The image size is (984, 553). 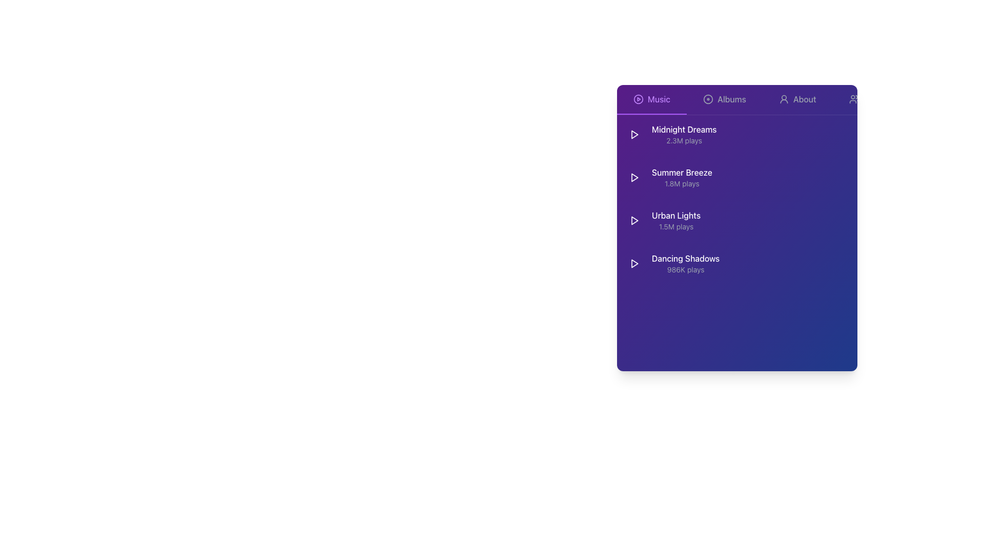 What do you see at coordinates (634, 134) in the screenshot?
I see `the play button located to the left of the 'Midnight Dreams' text label` at bounding box center [634, 134].